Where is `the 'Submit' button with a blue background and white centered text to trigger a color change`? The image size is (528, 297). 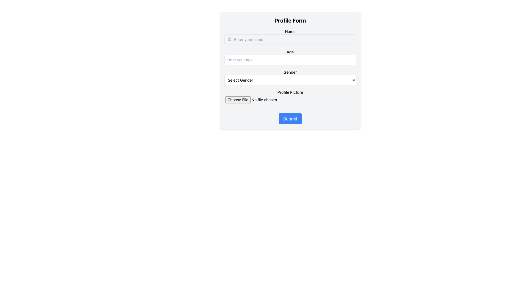 the 'Submit' button with a blue background and white centered text to trigger a color change is located at coordinates (290, 116).